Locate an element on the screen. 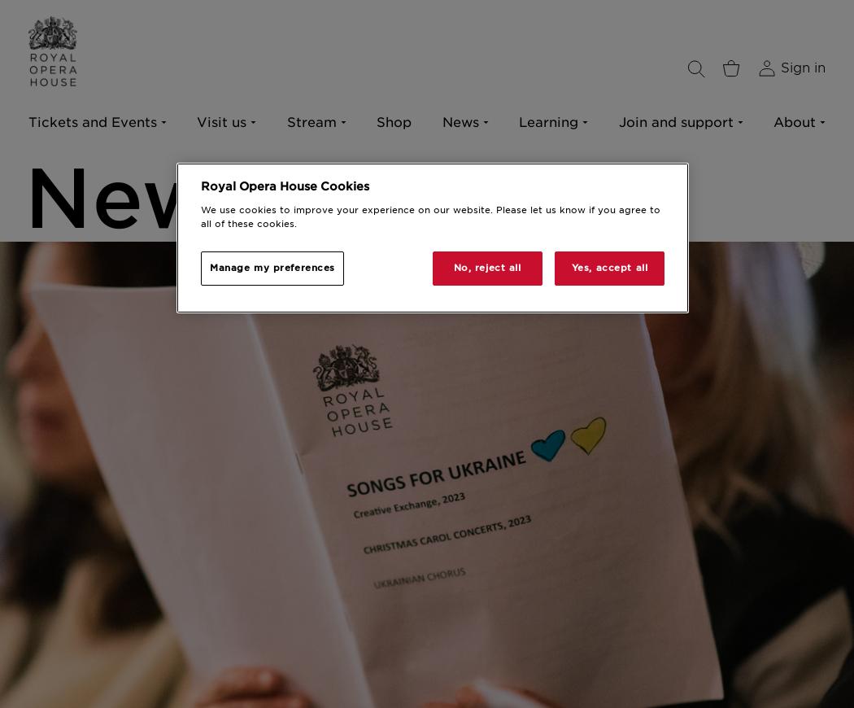  'Tickets and Events' is located at coordinates (92, 121).